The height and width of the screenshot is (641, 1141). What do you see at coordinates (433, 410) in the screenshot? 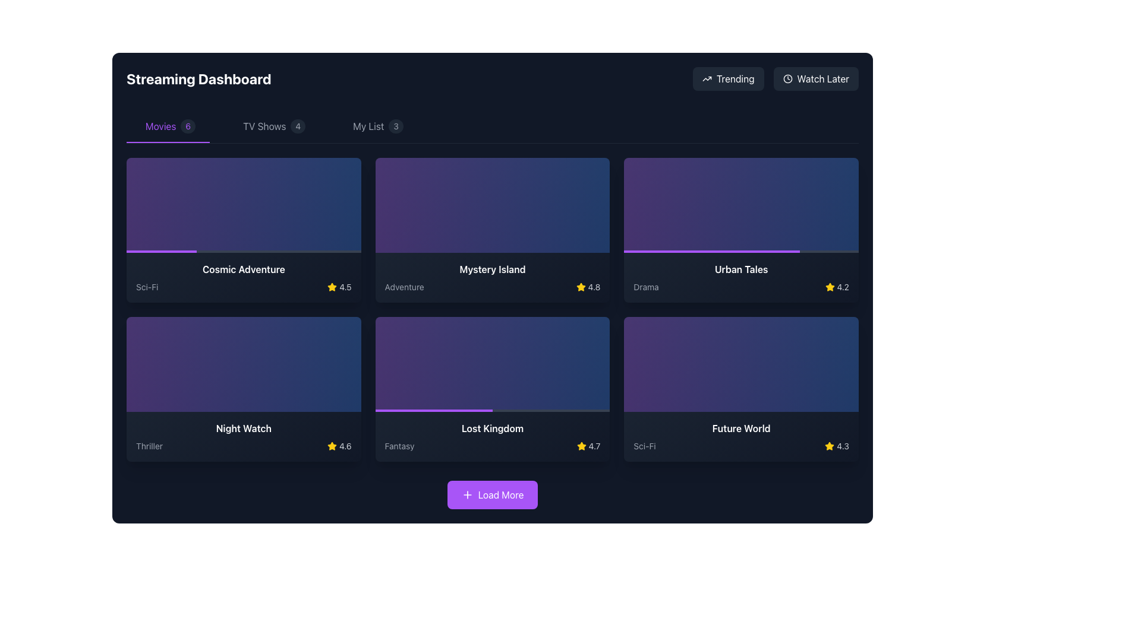
I see `the Progress Indicator Bar located at the bottom-center of the 'Lost Kingdom' card by moving the cursor to its center point` at bounding box center [433, 410].